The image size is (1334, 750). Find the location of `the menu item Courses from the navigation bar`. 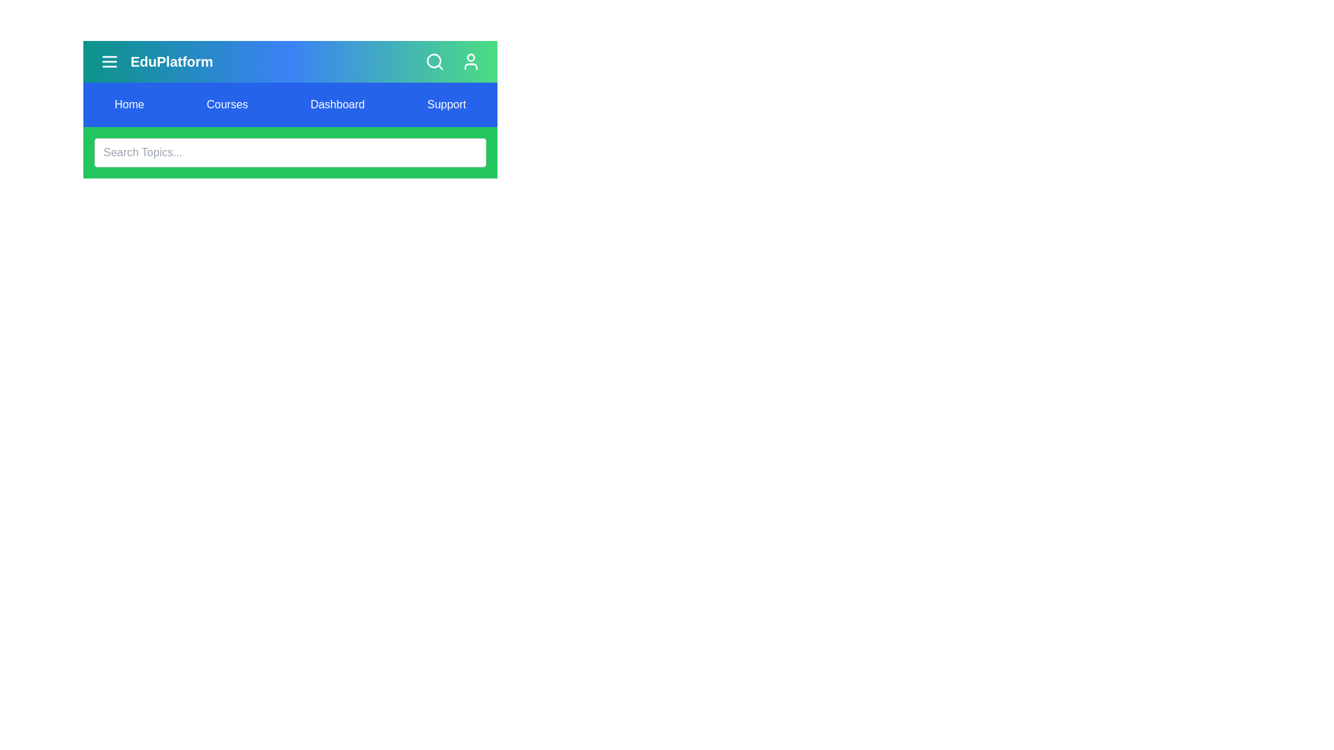

the menu item Courses from the navigation bar is located at coordinates (227, 103).